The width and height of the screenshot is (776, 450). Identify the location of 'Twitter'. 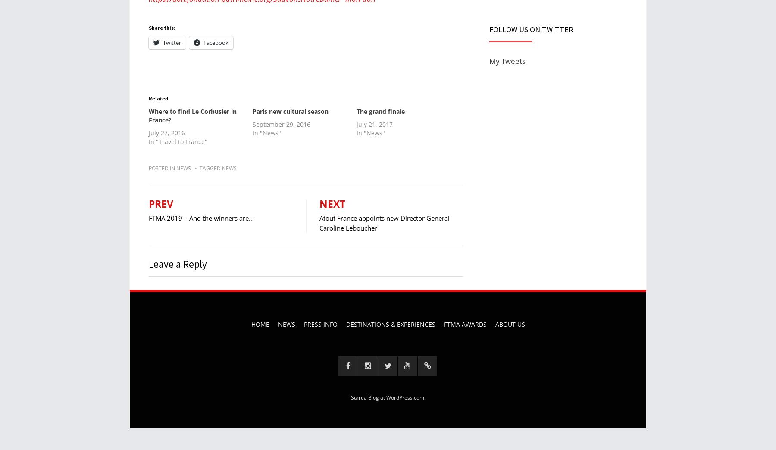
(172, 42).